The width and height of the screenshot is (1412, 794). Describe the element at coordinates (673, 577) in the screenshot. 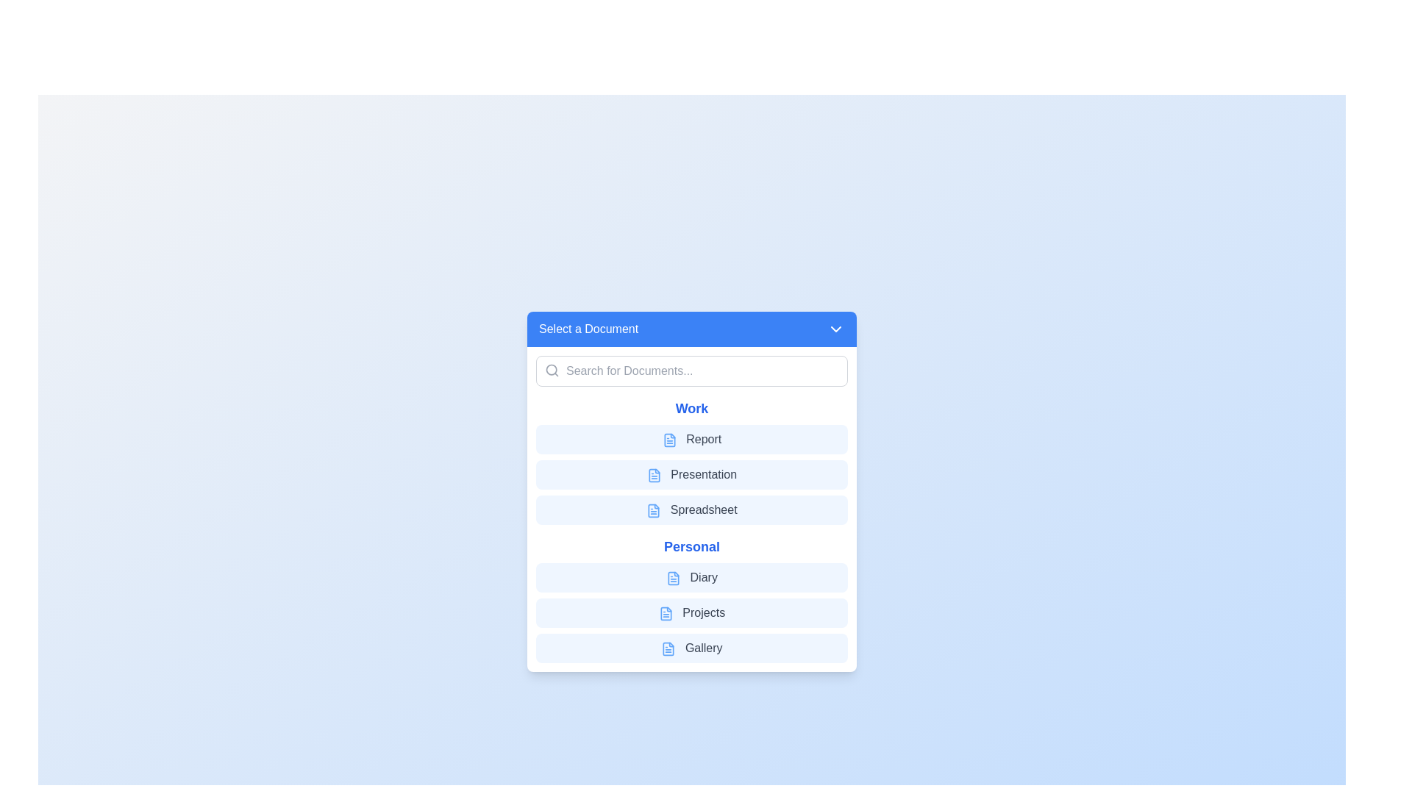

I see `the document icon with a light blue outline and white background in the 'Personal' section, associated with the 'Diary' entry` at that location.